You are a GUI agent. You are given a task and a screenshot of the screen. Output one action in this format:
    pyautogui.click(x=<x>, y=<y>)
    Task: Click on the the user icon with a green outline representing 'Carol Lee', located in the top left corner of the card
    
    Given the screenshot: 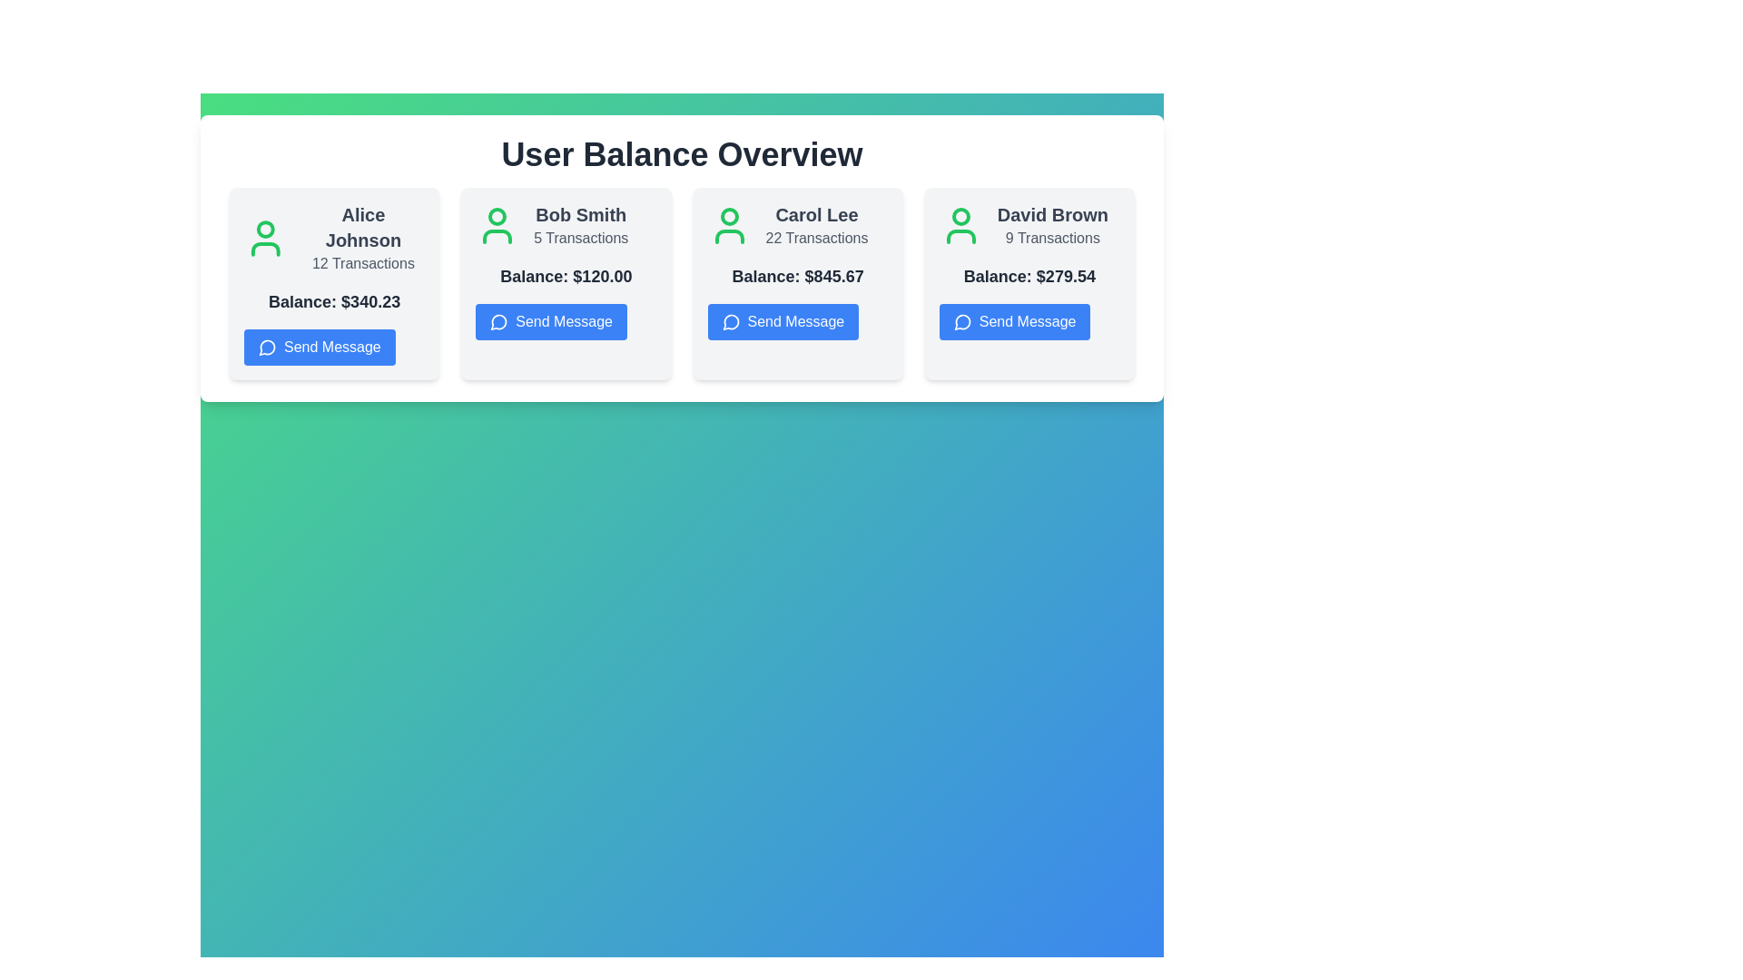 What is the action you would take?
    pyautogui.click(x=729, y=225)
    